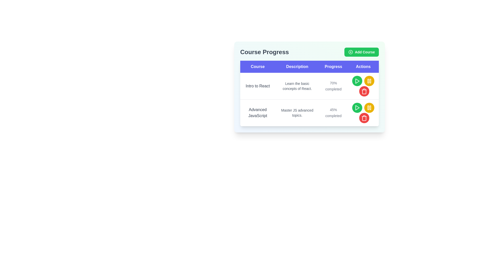  I want to click on the left rectangle of the pause button, which is a yellowish vertical rectangle located within the 'Actions' column of the interface, so click(368, 108).